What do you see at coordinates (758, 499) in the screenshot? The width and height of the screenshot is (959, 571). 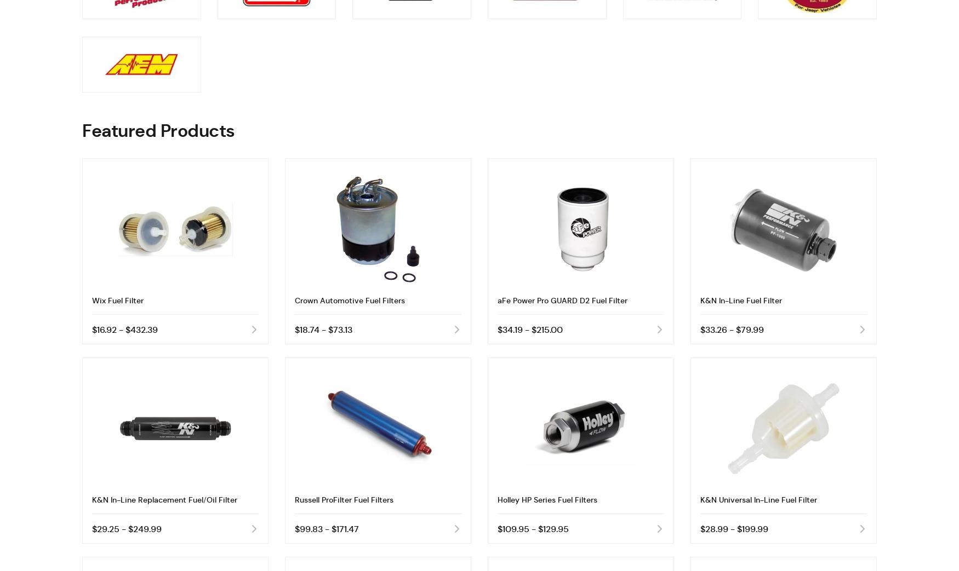 I see `'K&N Universal In-Line Fuel Filter'` at bounding box center [758, 499].